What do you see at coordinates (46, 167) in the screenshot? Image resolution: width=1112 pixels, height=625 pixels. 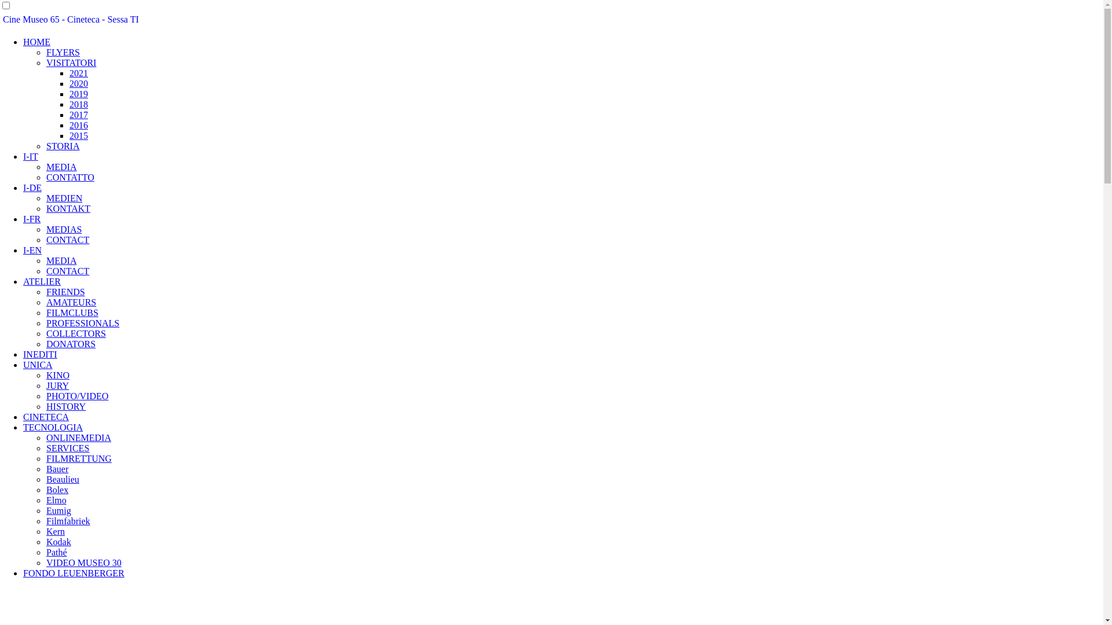 I see `'MEDIA'` at bounding box center [46, 167].